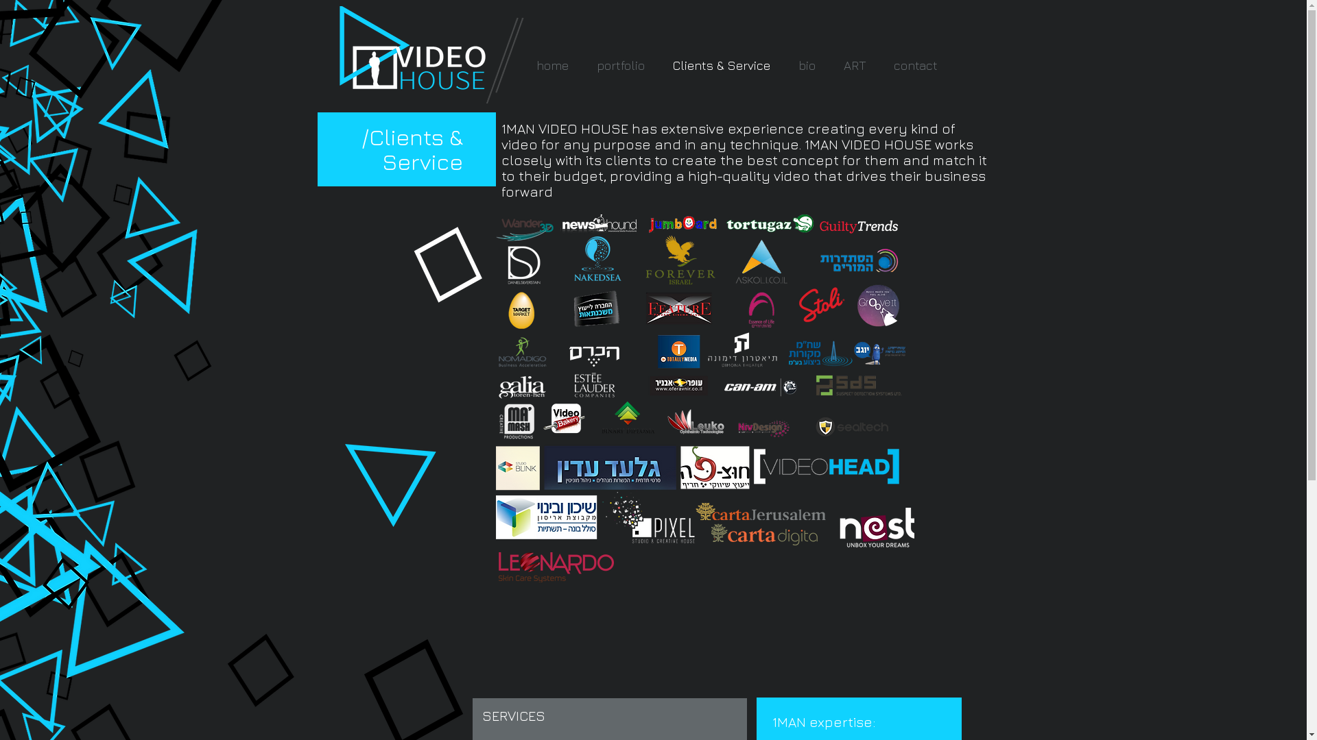 The image size is (1317, 740). I want to click on 'bio', so click(807, 65).